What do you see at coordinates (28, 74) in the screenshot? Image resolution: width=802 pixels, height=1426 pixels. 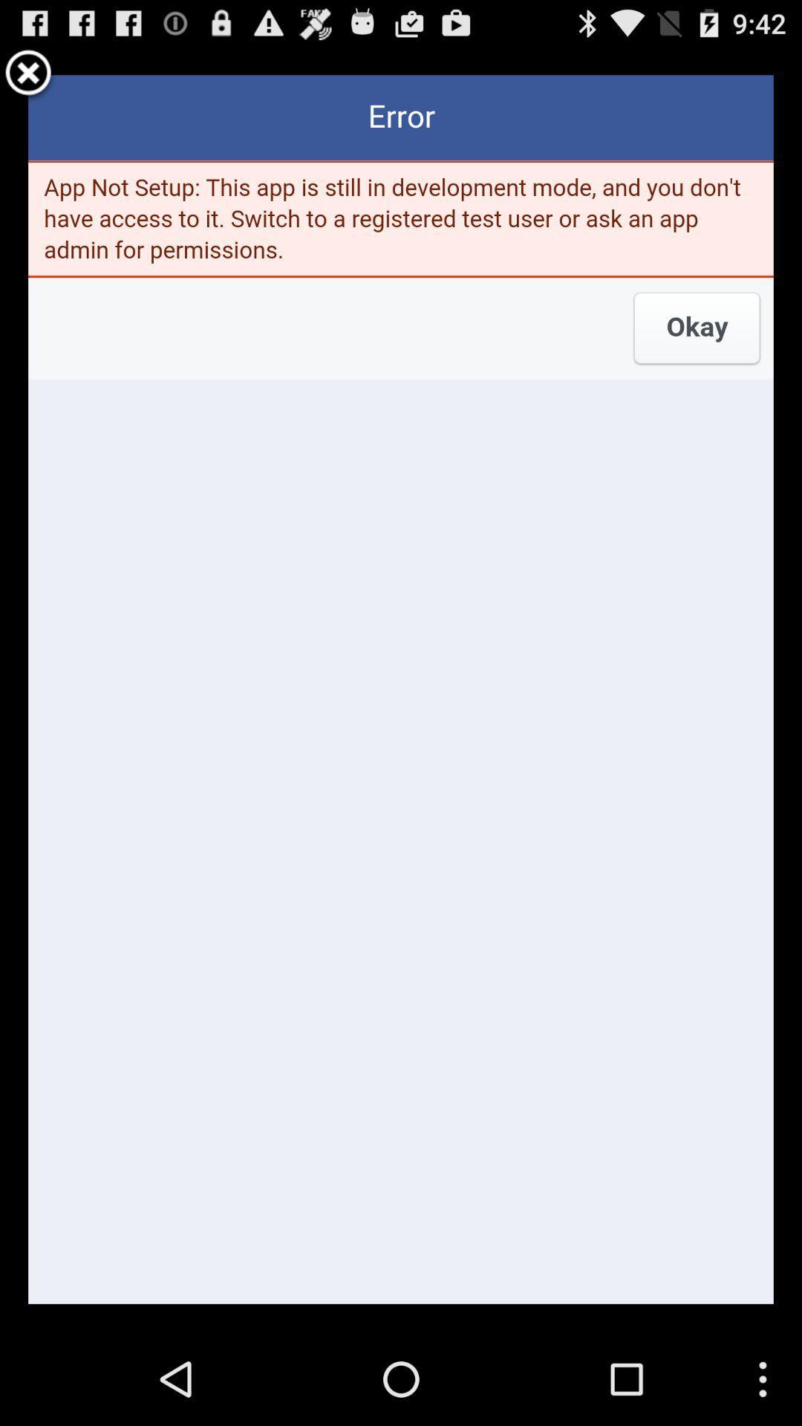 I see `the error screen` at bounding box center [28, 74].